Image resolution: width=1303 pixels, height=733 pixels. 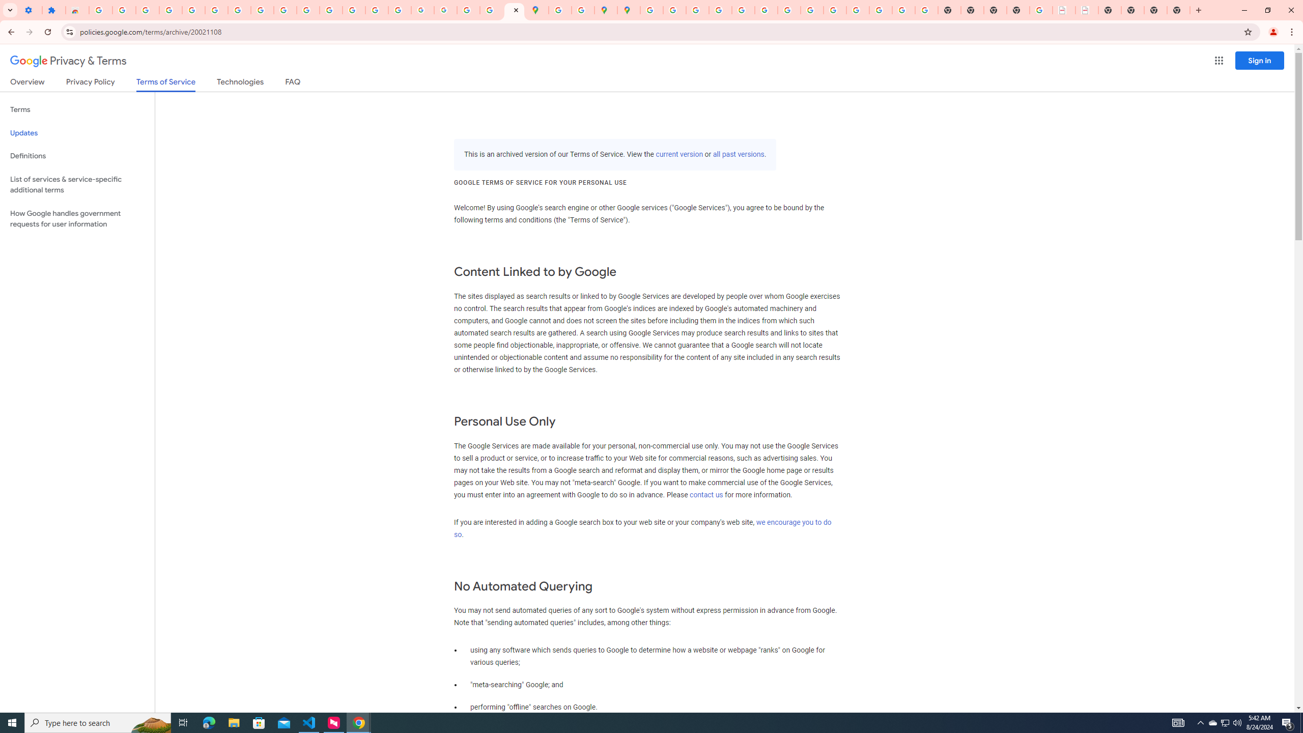 I want to click on 'Settings - On startup', so click(x=31, y=10).